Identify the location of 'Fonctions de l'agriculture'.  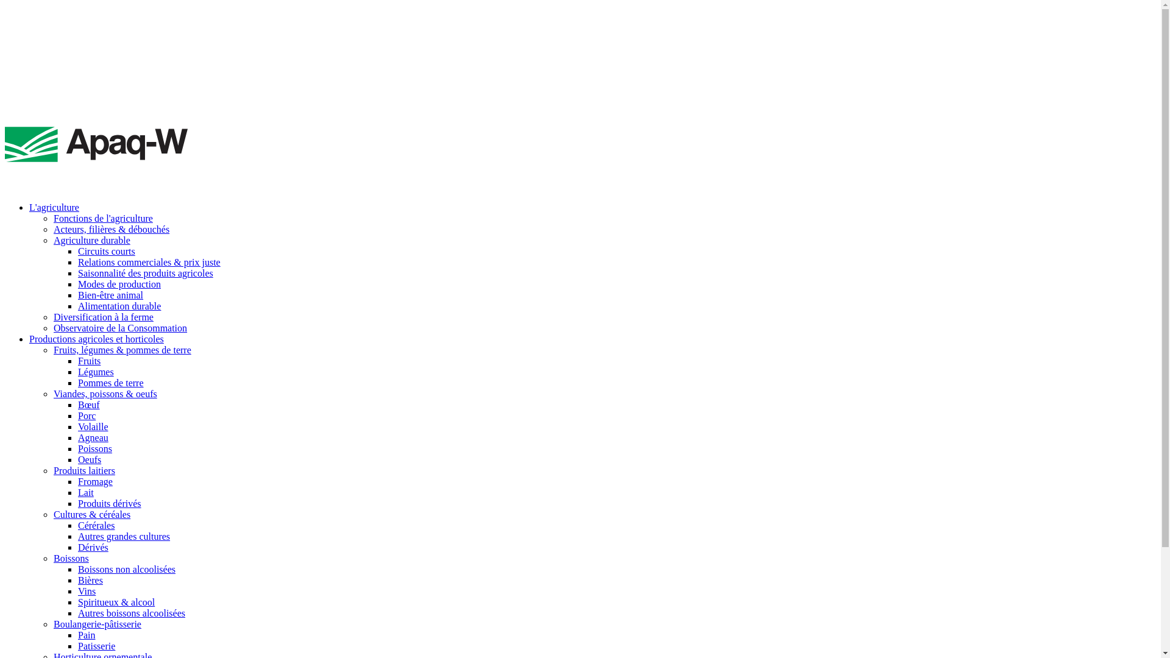
(103, 218).